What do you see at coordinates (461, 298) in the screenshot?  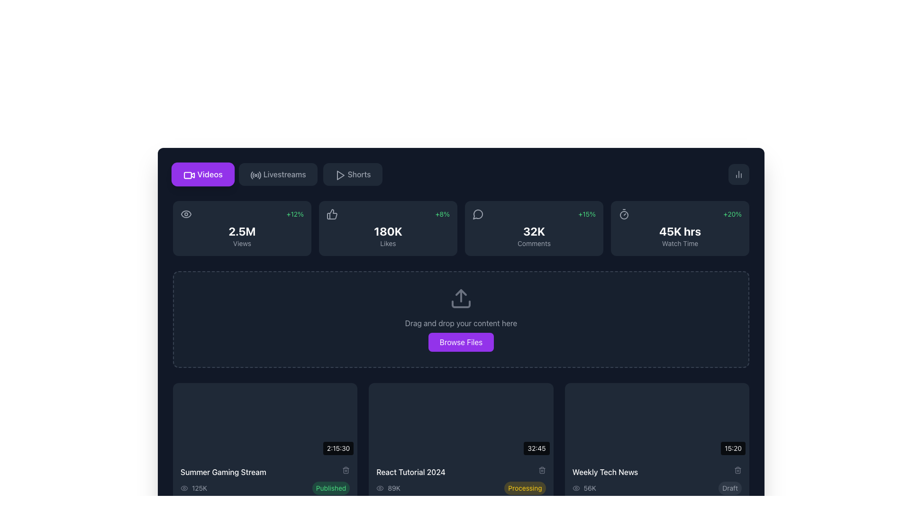 I see `the drag-and-drop upload icon` at bounding box center [461, 298].